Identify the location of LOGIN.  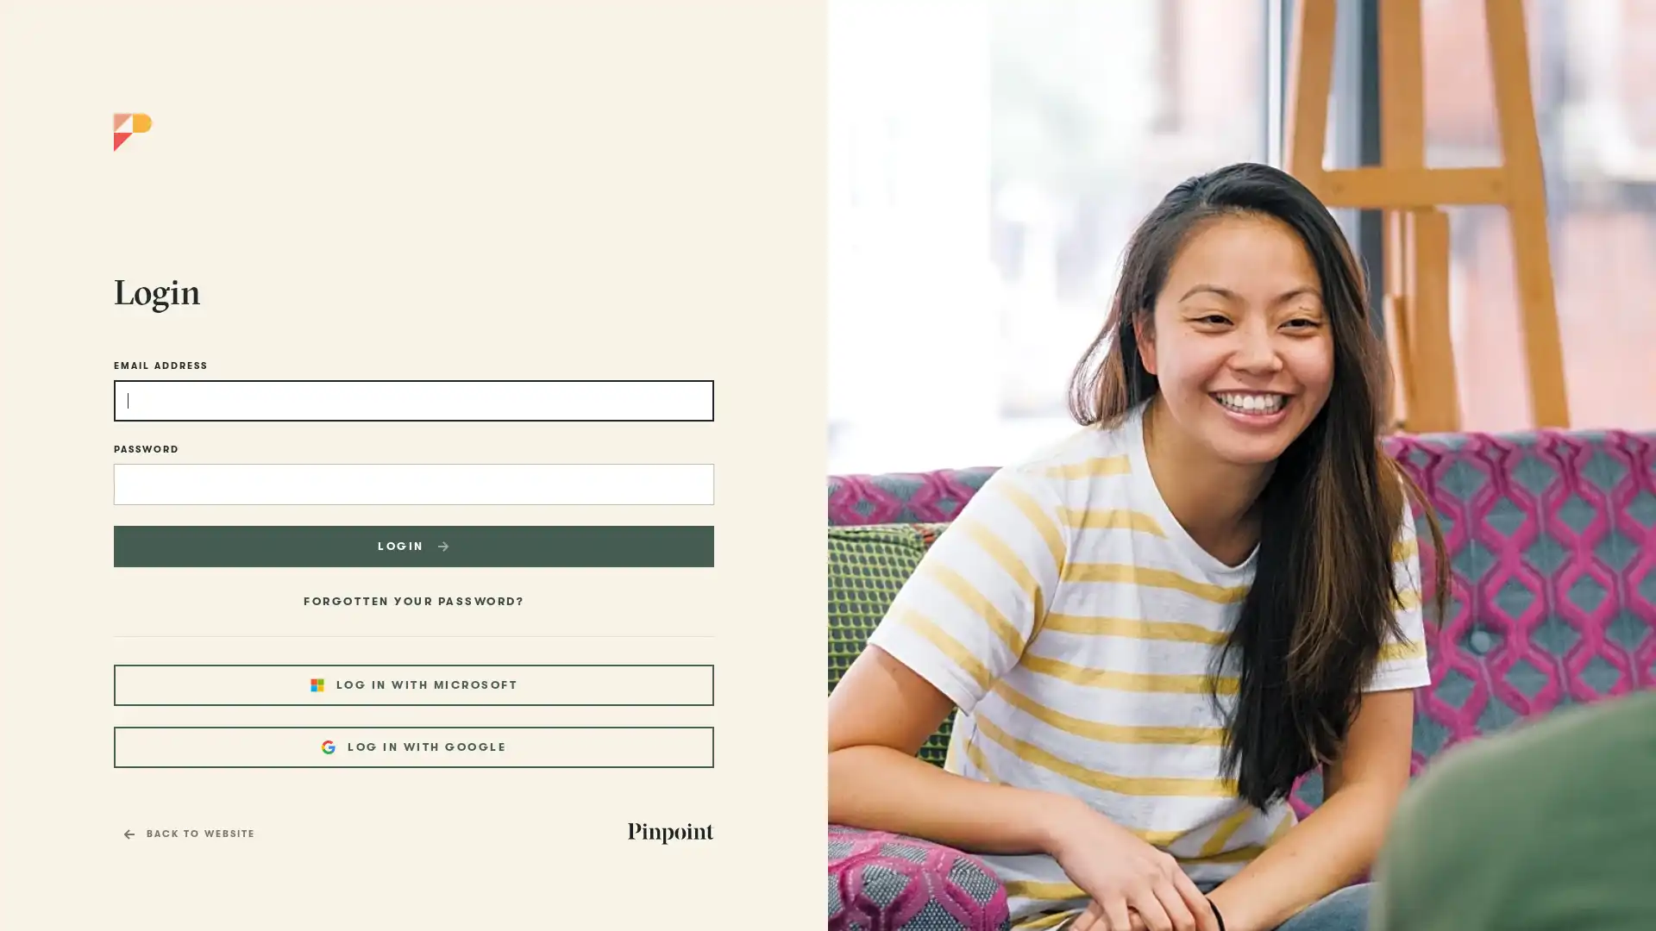
(412, 546).